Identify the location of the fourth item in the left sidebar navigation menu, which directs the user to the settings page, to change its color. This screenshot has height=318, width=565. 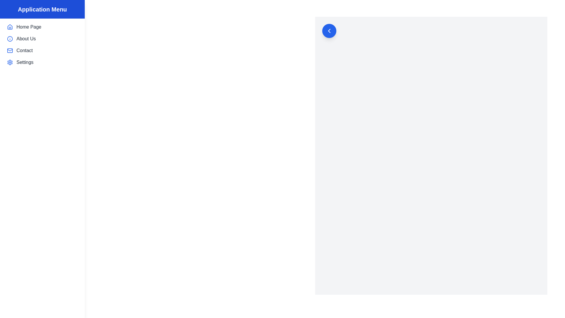
(42, 62).